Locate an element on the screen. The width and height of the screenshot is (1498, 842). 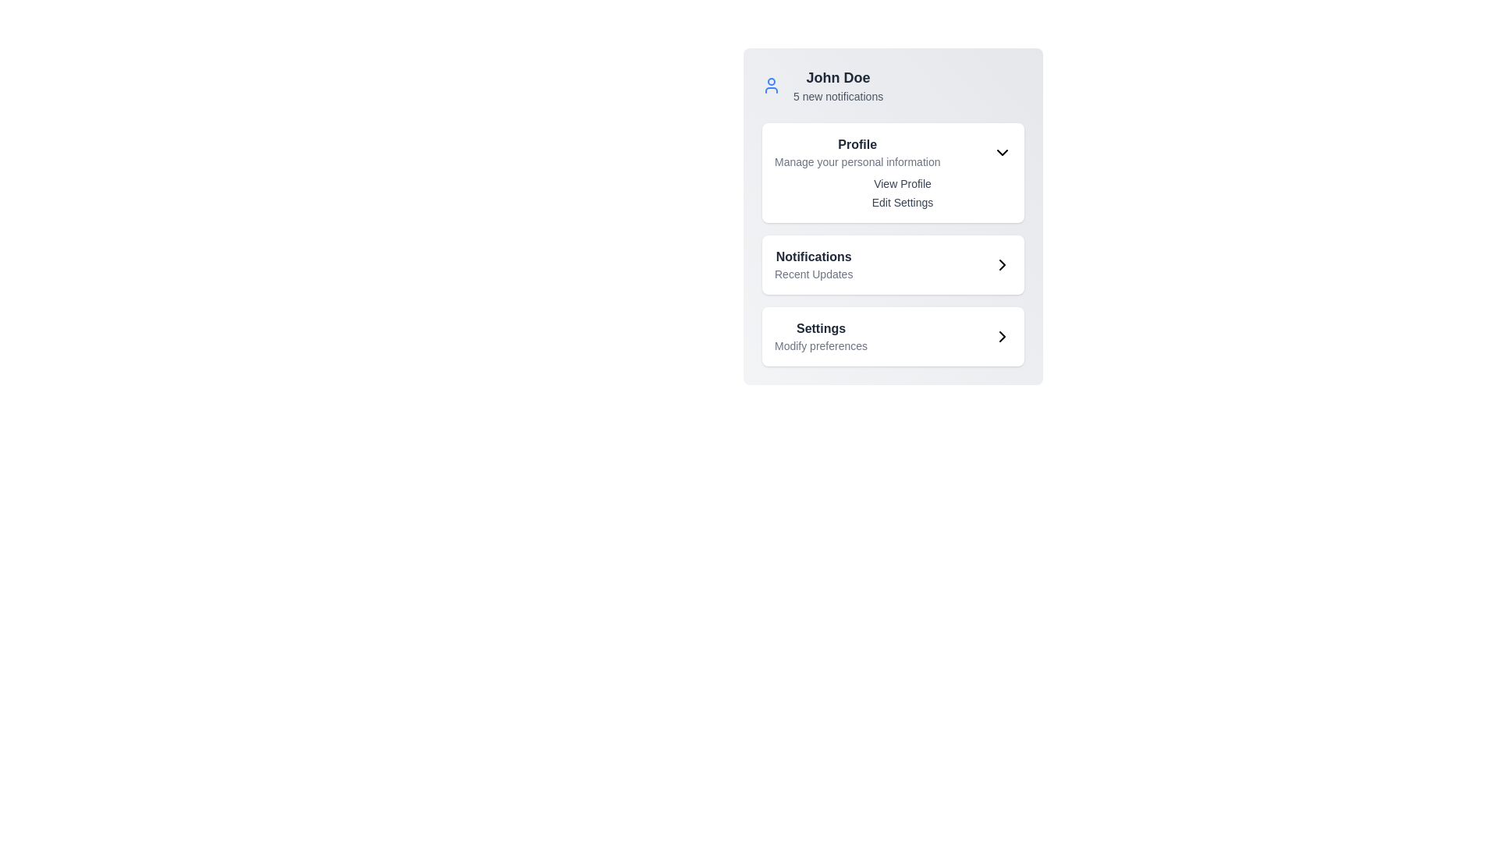
the 'Edit Settings' option from the 'Profile' interactive card, which is the first card in a list and contains a heading and a dropdown arrow icon is located at coordinates (893, 173).